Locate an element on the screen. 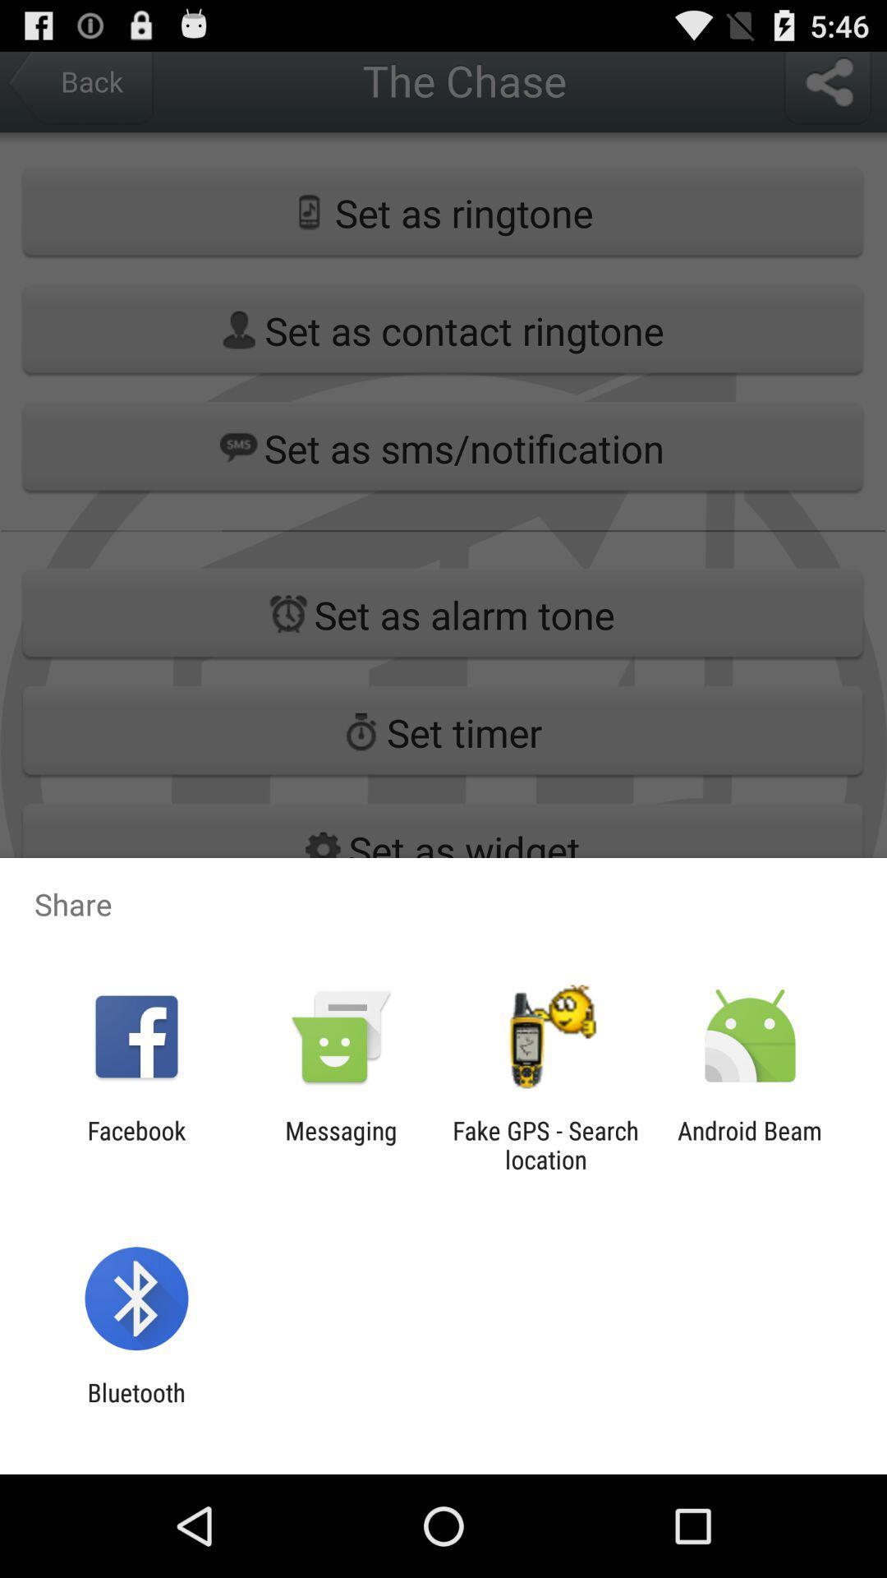 This screenshot has width=887, height=1578. icon to the right of the messaging icon is located at coordinates (545, 1144).